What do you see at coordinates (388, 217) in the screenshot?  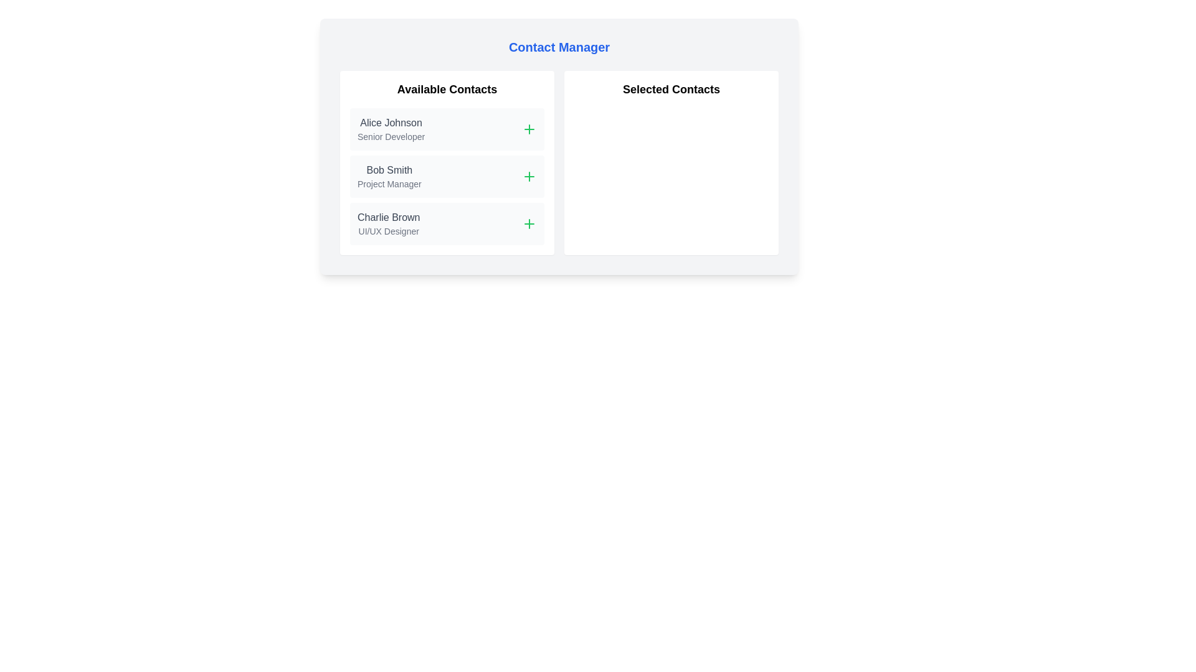 I see `the text label displaying 'Charlie Brown', which is styled with medium-weight, gray-colored text and is located in the 'Available Contacts' section, above the designation 'UI/UX Designer'` at bounding box center [388, 217].